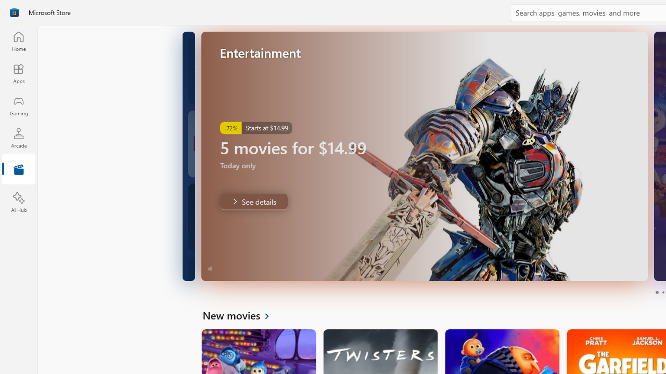 The height and width of the screenshot is (374, 666). Describe the element at coordinates (14, 12) in the screenshot. I see `'Class: Image'` at that location.